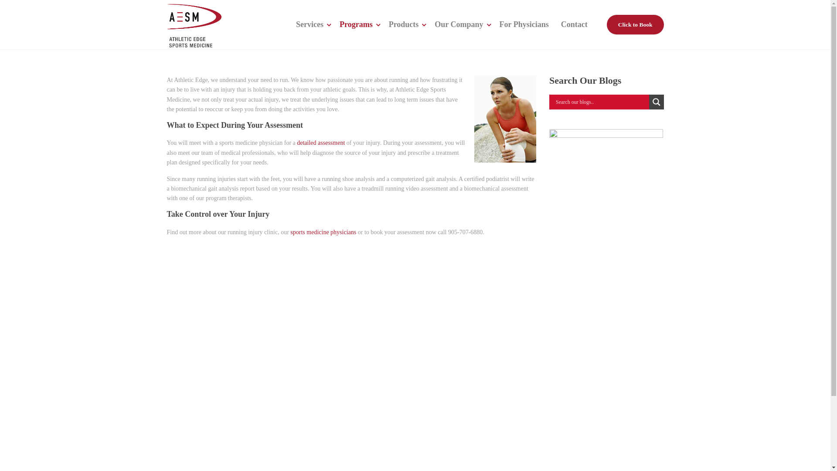 The width and height of the screenshot is (837, 471). What do you see at coordinates (405, 24) in the screenshot?
I see `'Products'` at bounding box center [405, 24].